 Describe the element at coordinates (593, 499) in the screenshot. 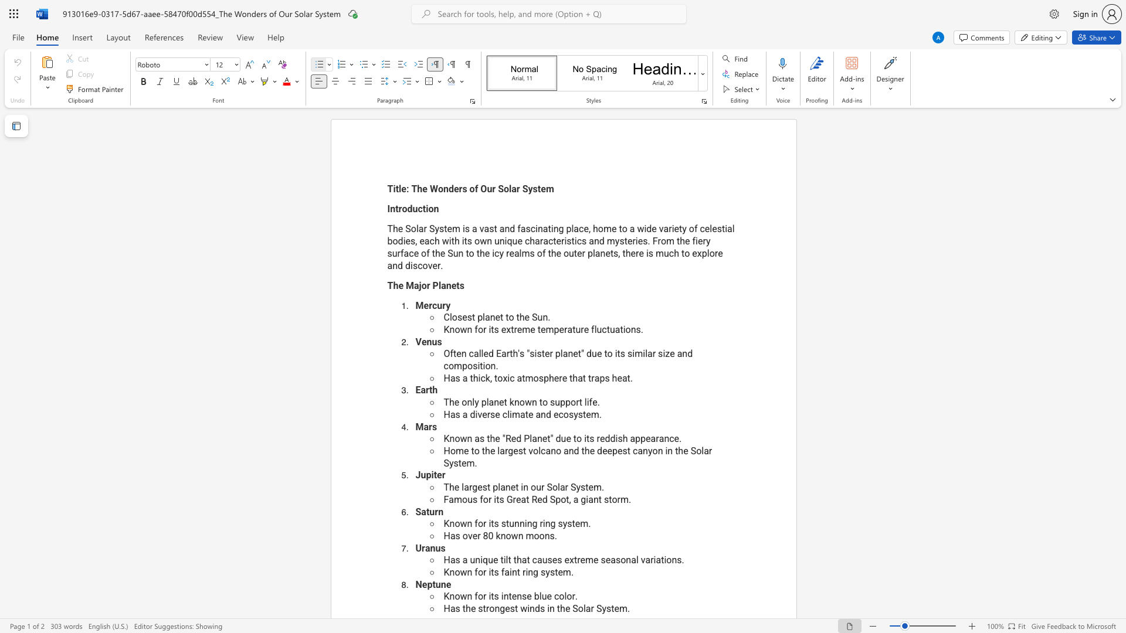

I see `the space between the continuous character "a" and "n" in the text` at that location.